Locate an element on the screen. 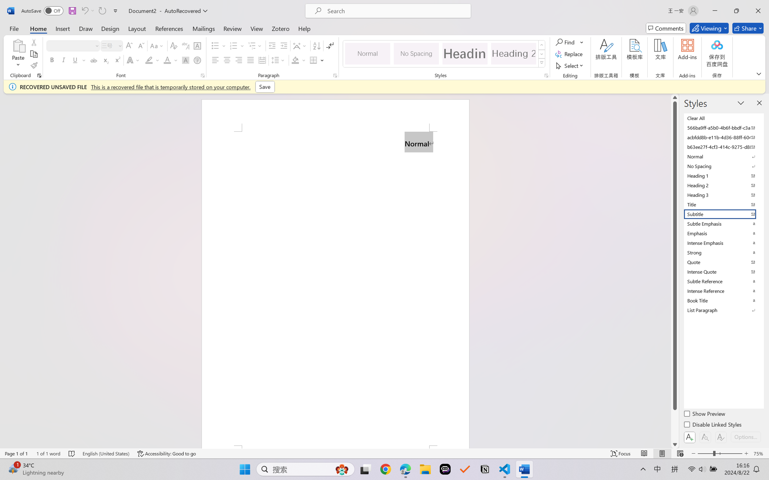  'Heading 3' is located at coordinates (723, 194).